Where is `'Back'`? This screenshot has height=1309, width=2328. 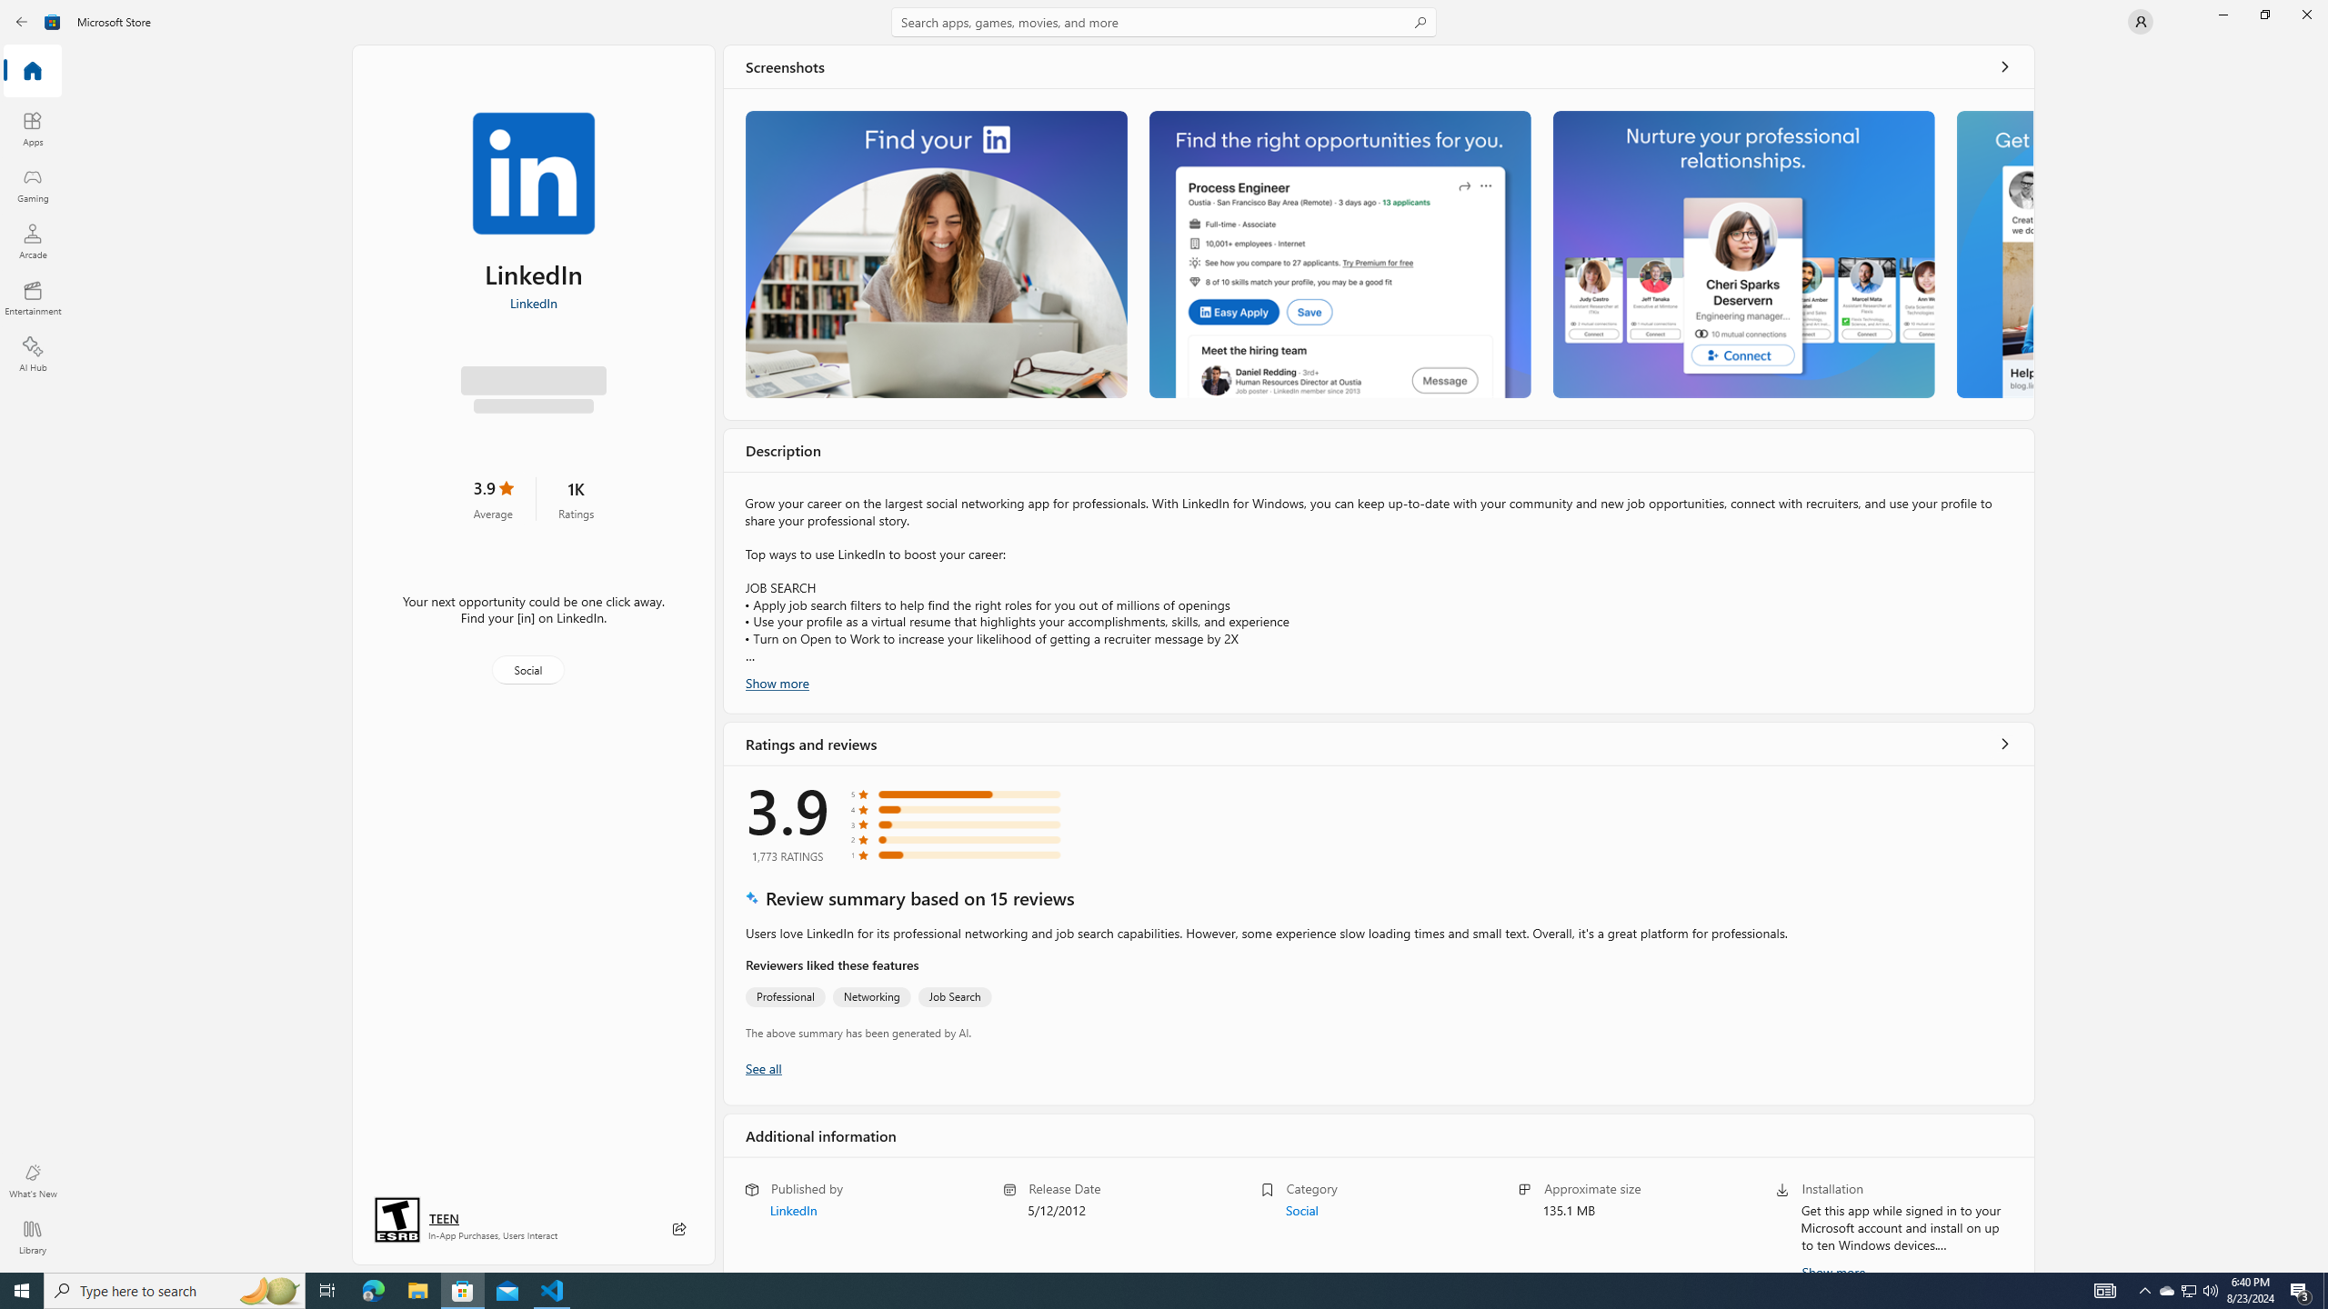 'Back' is located at coordinates (22, 20).